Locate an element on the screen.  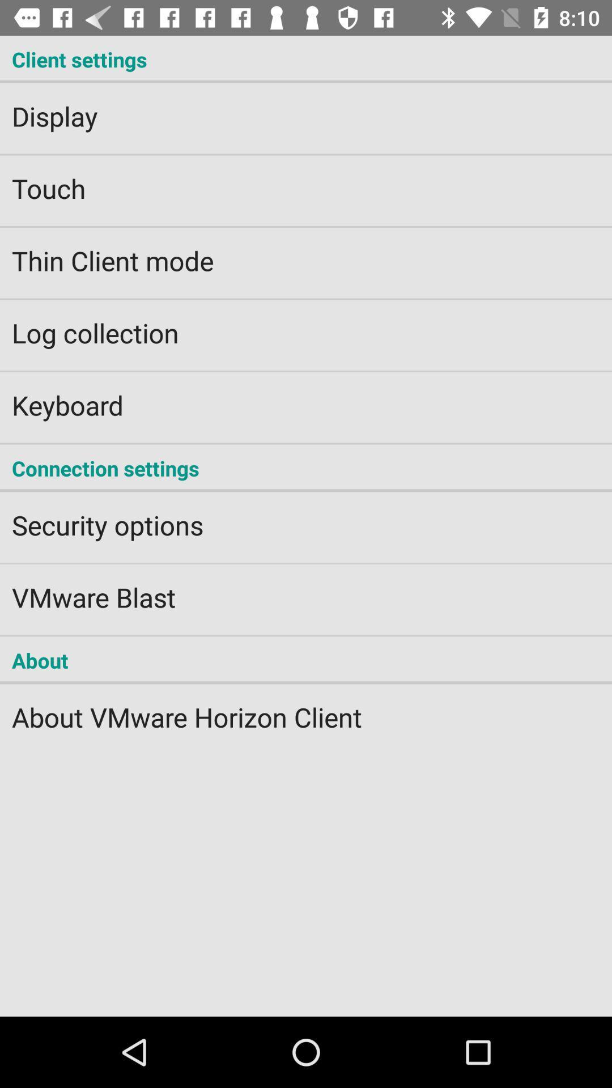
the about vmware horizon item is located at coordinates (306, 709).